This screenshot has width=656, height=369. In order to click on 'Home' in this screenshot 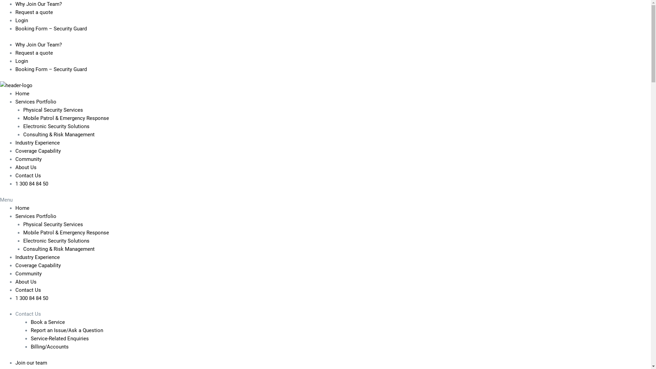, I will do `click(15, 208)`.